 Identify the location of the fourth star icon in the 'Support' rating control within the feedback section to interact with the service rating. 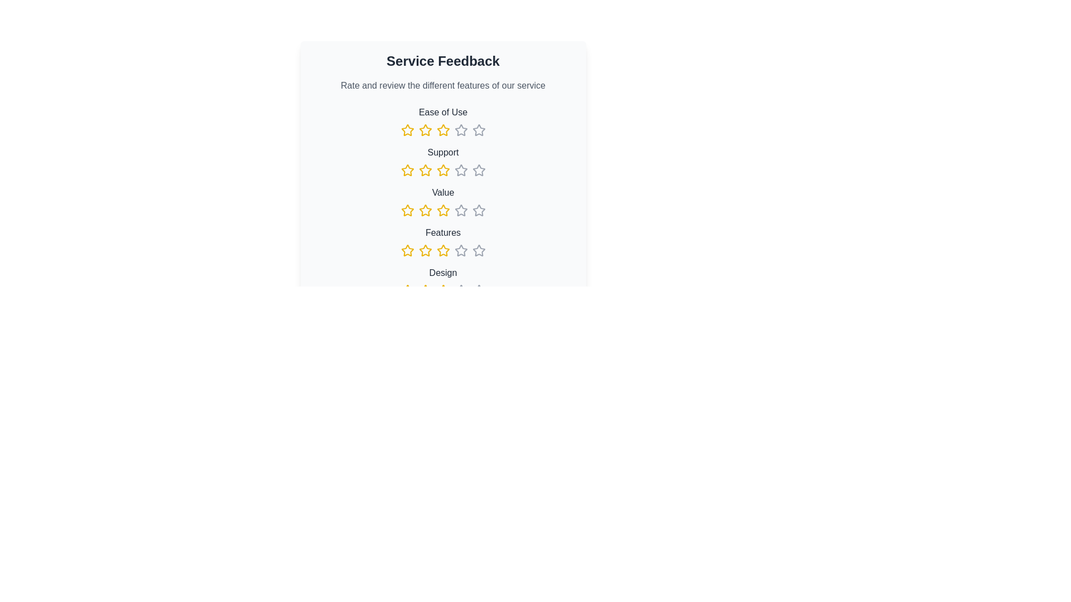
(442, 170).